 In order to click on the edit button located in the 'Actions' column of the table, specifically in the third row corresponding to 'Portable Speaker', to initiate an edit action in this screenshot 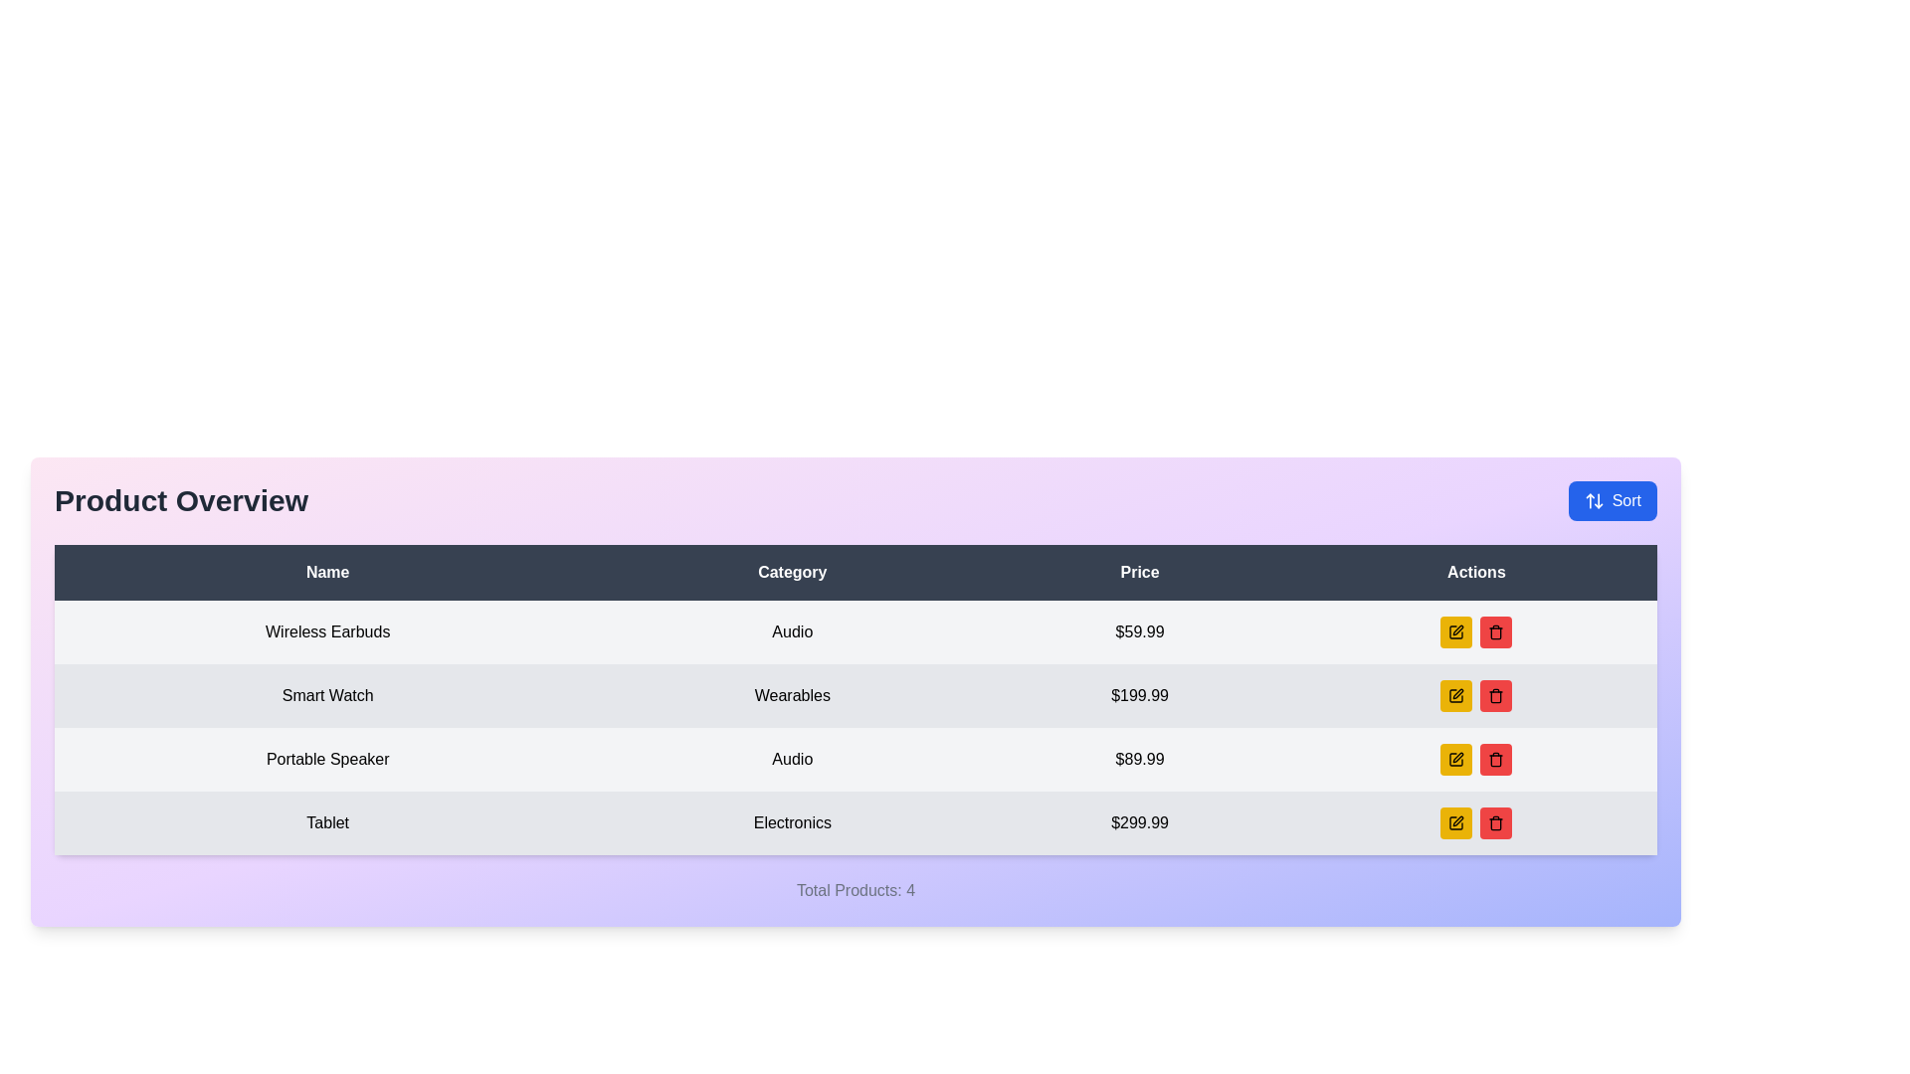, I will do `click(1456, 759)`.